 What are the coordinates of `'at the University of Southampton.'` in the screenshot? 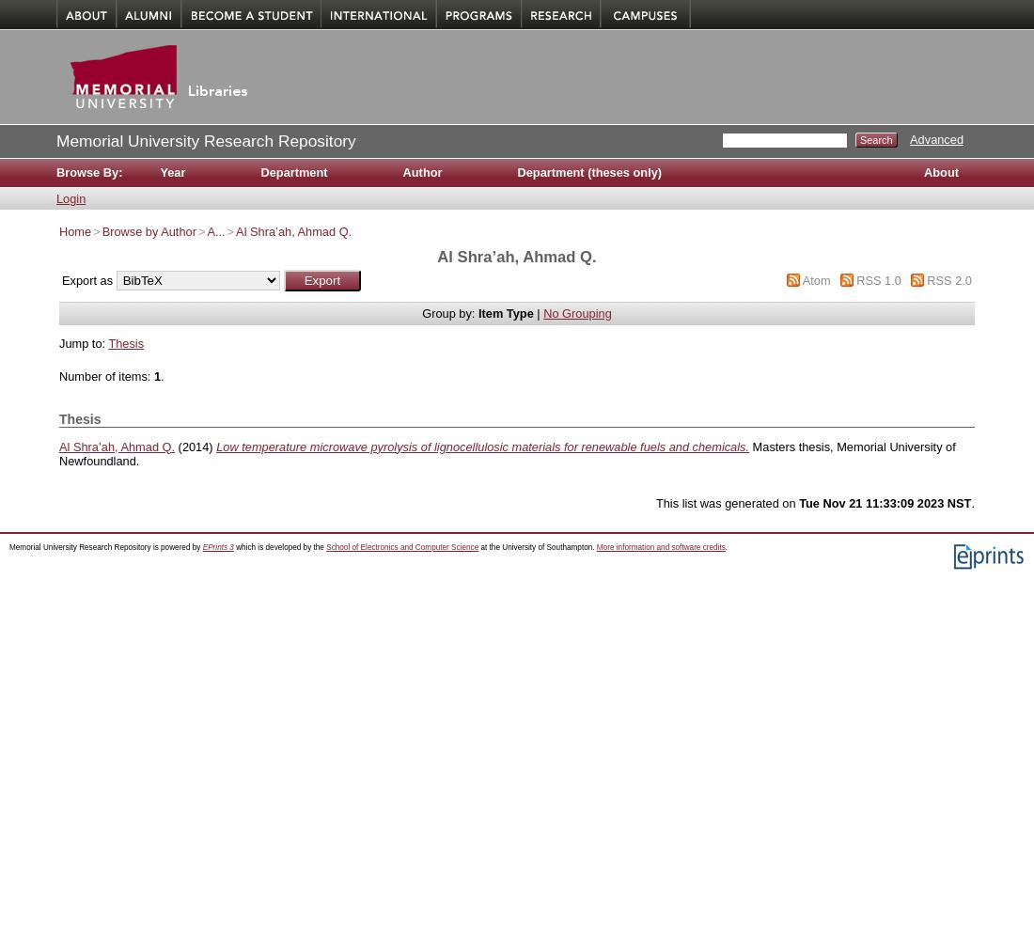 It's located at (536, 546).